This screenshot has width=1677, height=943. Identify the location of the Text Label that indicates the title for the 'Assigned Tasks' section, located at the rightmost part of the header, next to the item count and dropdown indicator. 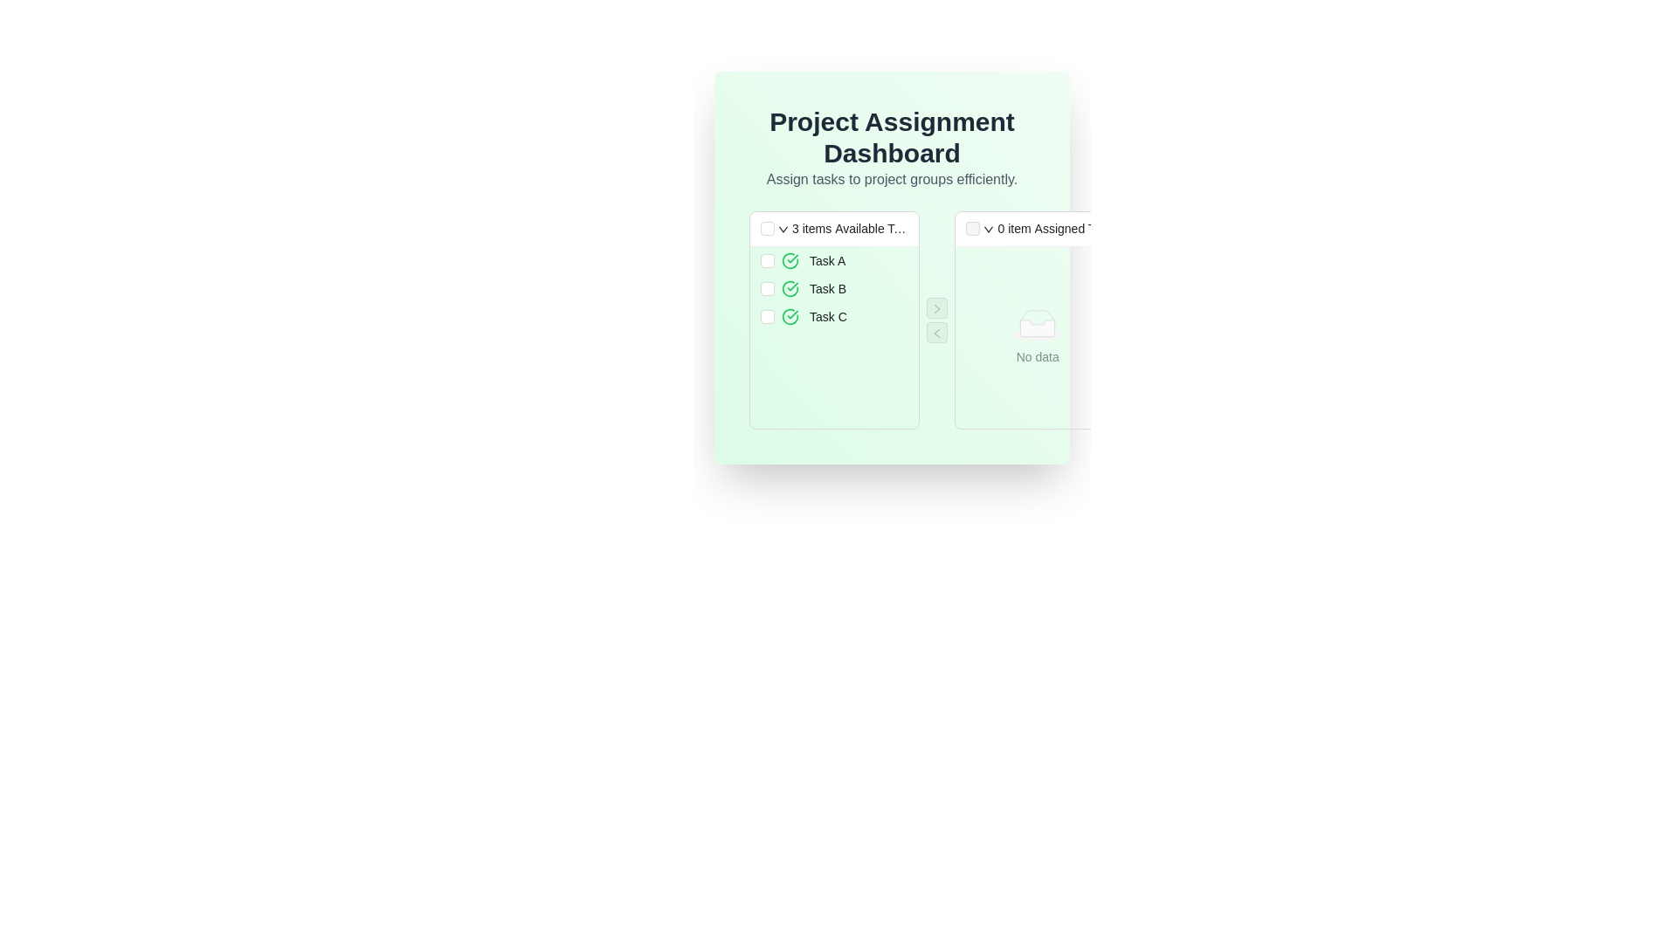
(1071, 228).